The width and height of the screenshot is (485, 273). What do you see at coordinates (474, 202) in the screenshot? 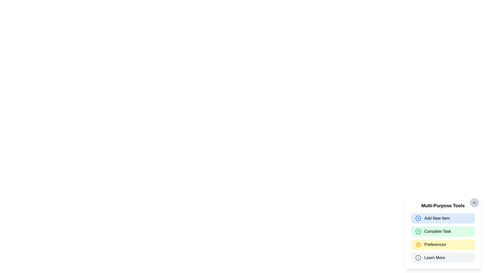
I see `the upward-pointing chevron arrow icon button with a black stroke on a circular gray background located in the top right corner of the 'Multi-Purpose Tools' box` at bounding box center [474, 202].